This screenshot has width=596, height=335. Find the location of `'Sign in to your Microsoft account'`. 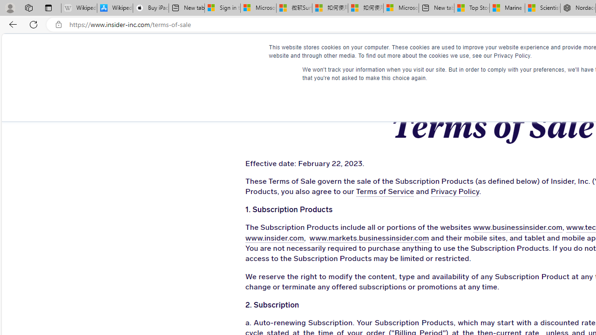

'Sign in to your Microsoft account' is located at coordinates (222, 8).